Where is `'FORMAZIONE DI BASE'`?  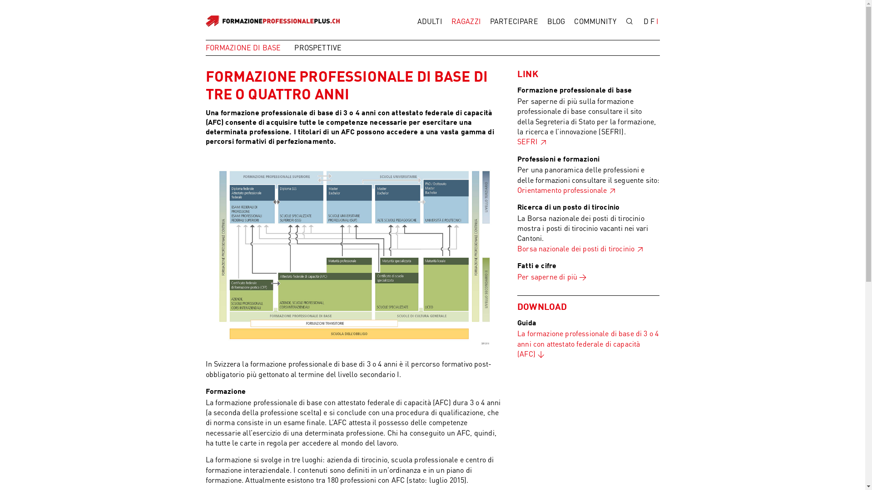 'FORMAZIONE DI BASE' is located at coordinates (250, 48).